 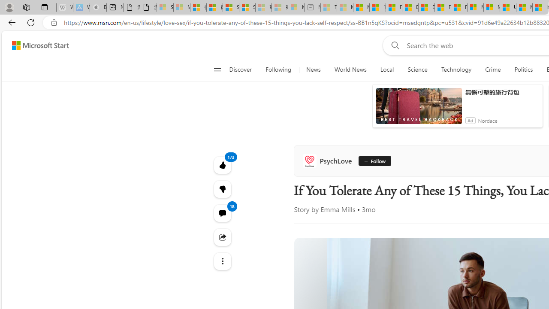 What do you see at coordinates (350, 70) in the screenshot?
I see `'World News'` at bounding box center [350, 70].